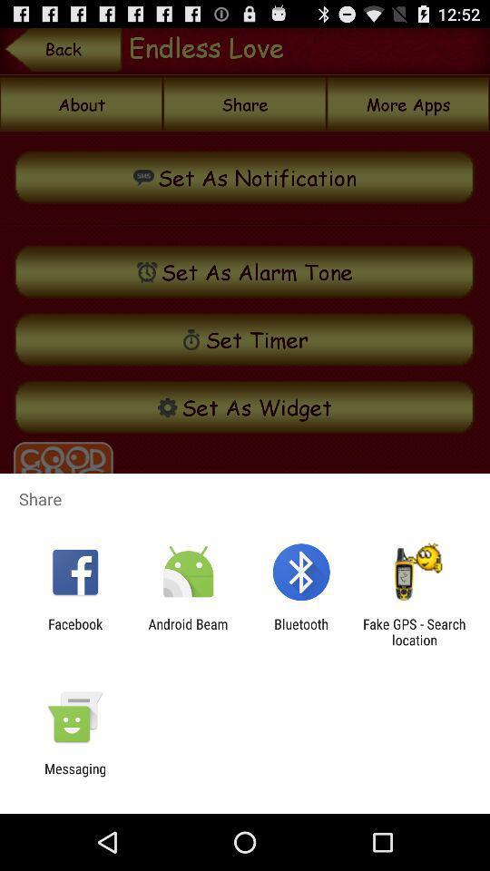 The height and width of the screenshot is (871, 490). Describe the element at coordinates (301, 631) in the screenshot. I see `icon next to the fake gps search app` at that location.